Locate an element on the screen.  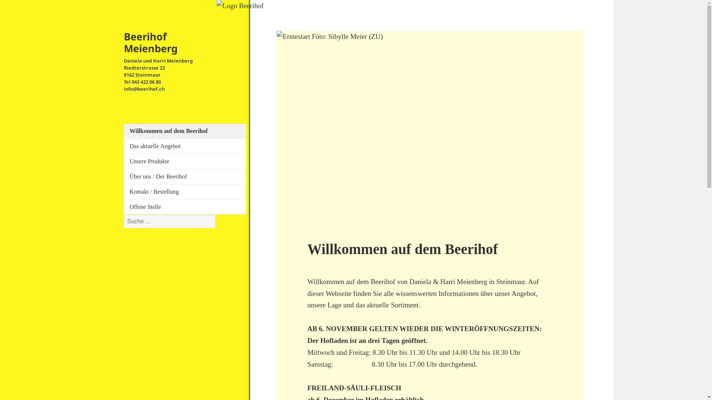
'Willkommen auf dem Beerihof' is located at coordinates (188, 131).